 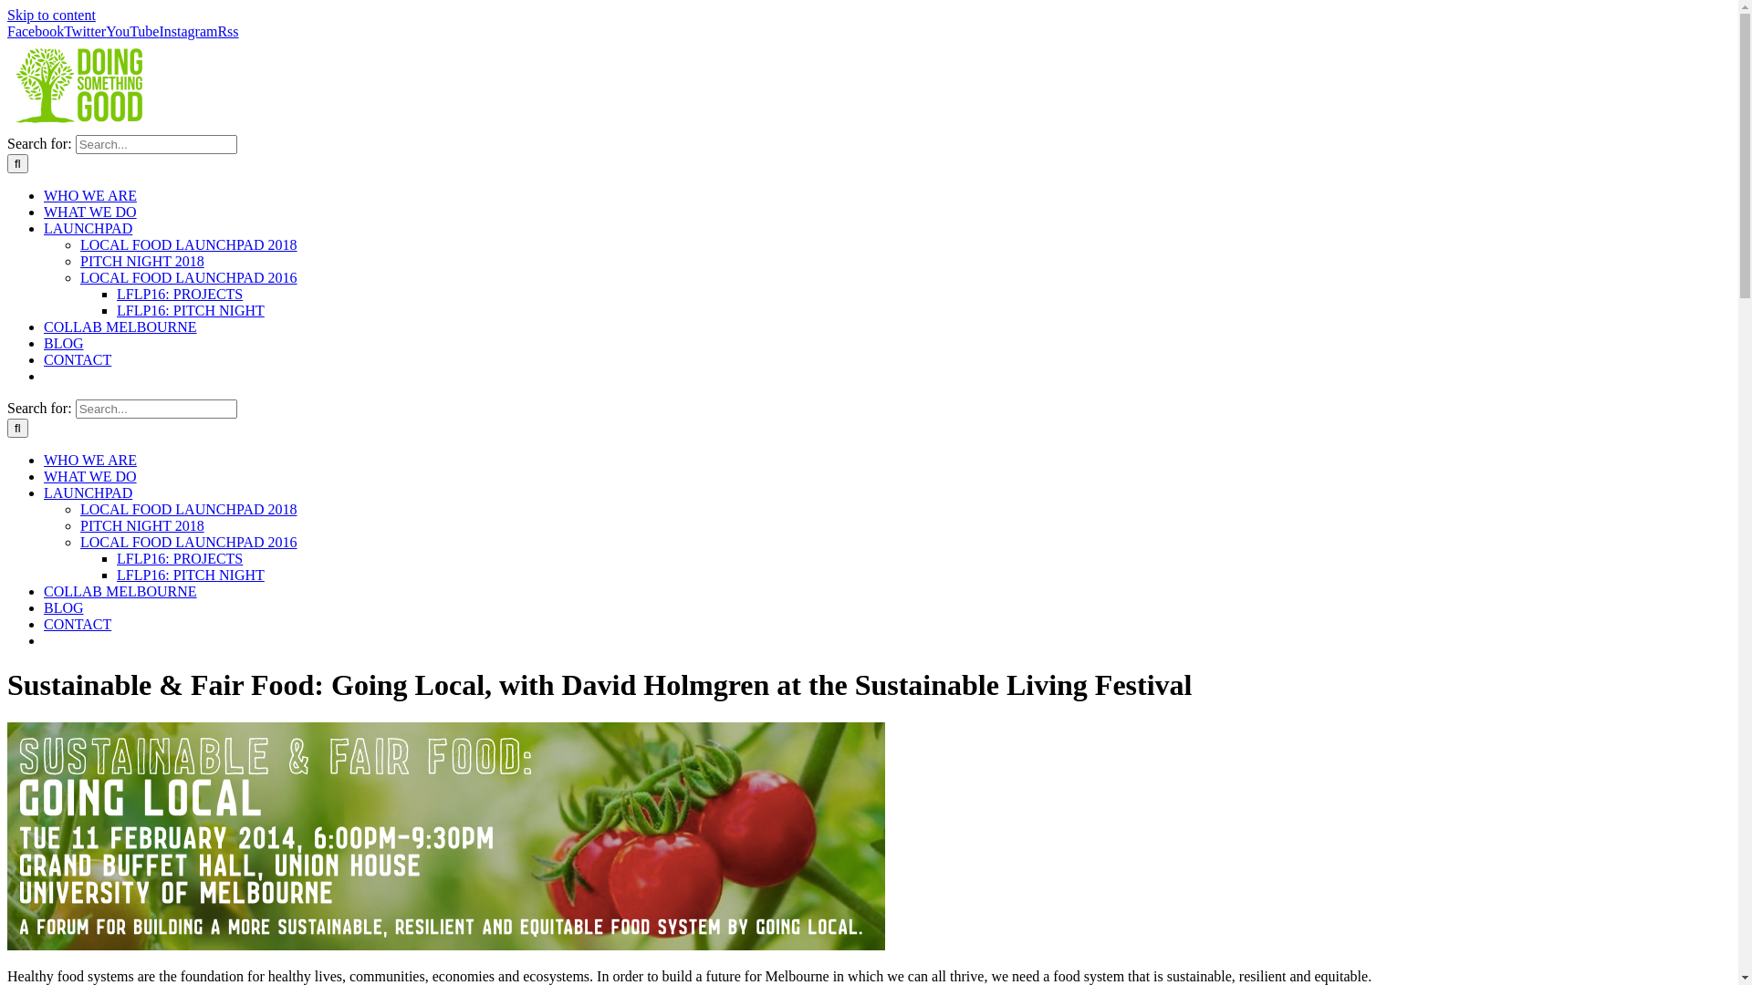 I want to click on 'Twitter', so click(x=83, y=31).